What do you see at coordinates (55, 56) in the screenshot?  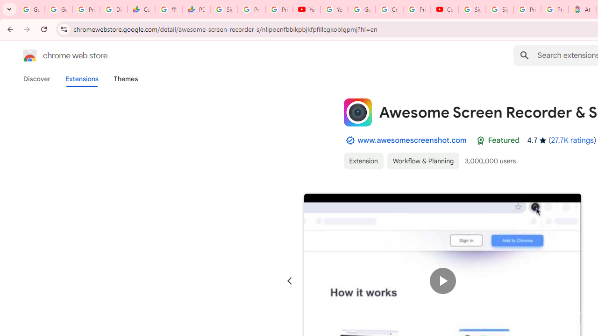 I see `'Chrome Web Store logo chrome web store'` at bounding box center [55, 56].